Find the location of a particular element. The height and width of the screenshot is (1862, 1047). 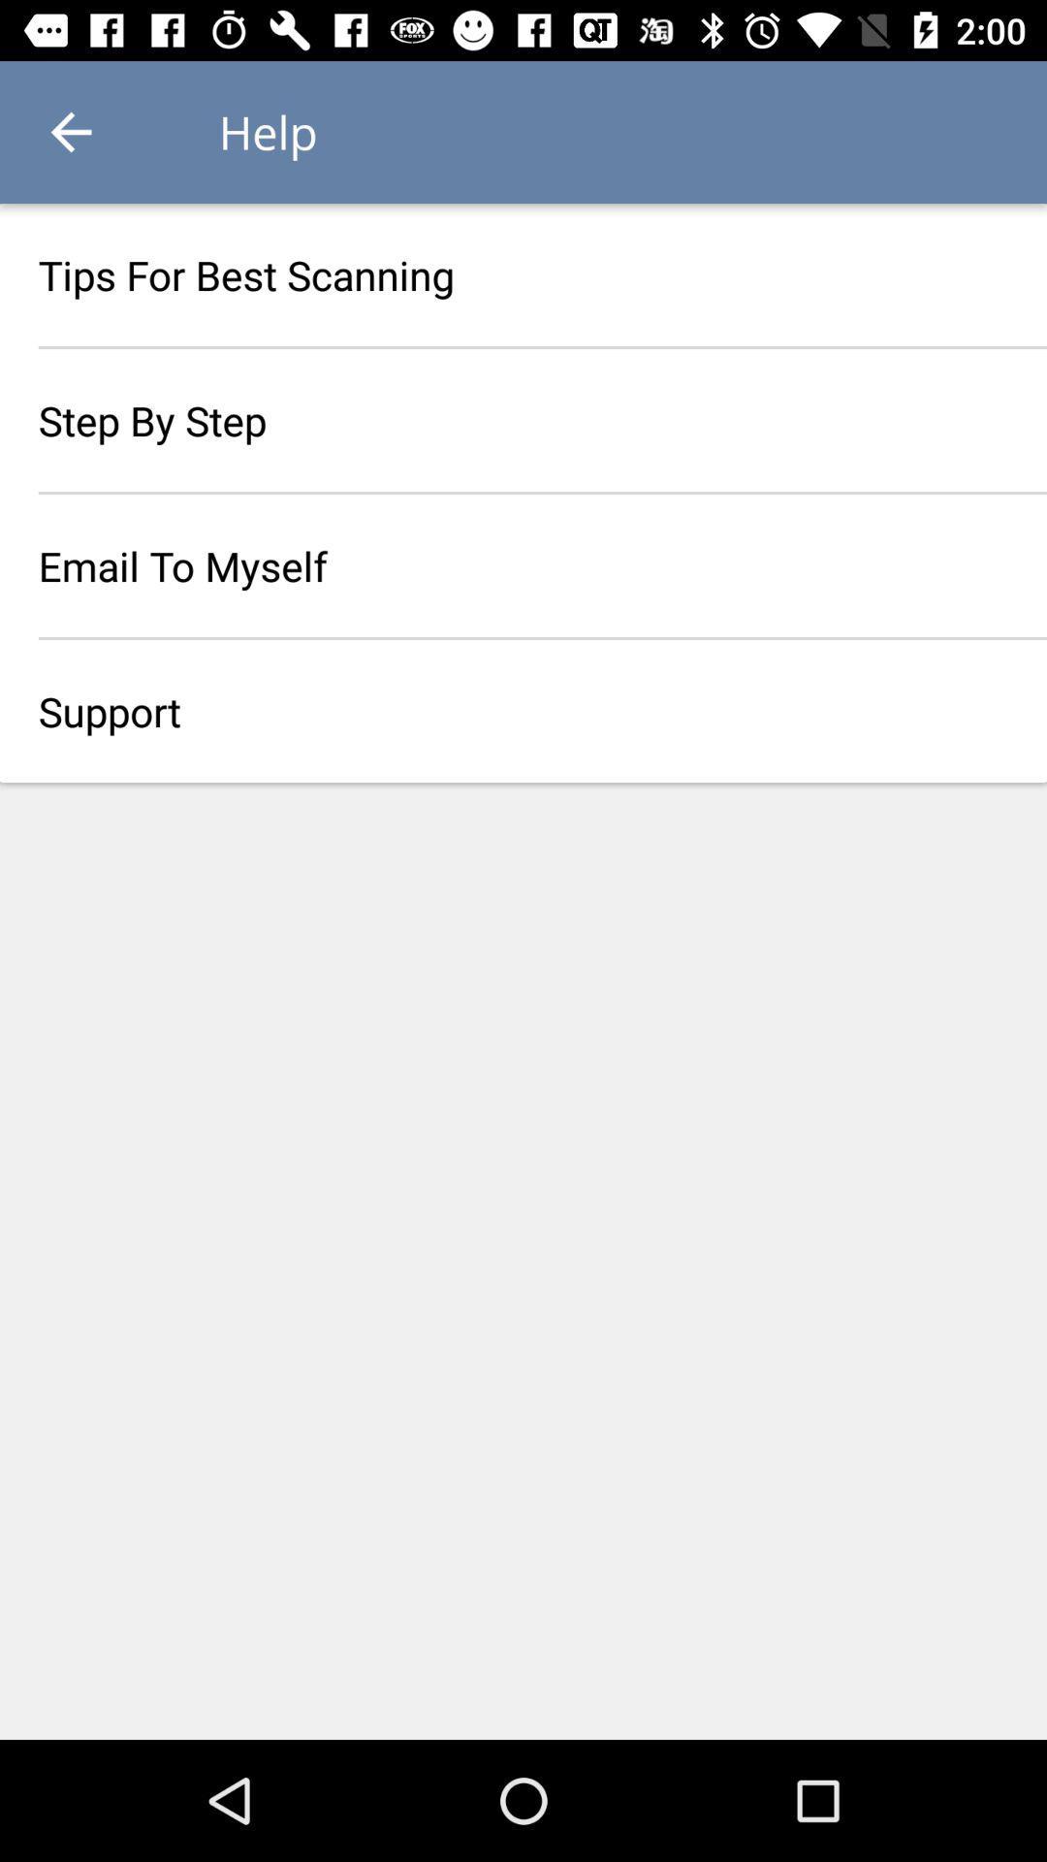

the step by step item is located at coordinates (523, 419).